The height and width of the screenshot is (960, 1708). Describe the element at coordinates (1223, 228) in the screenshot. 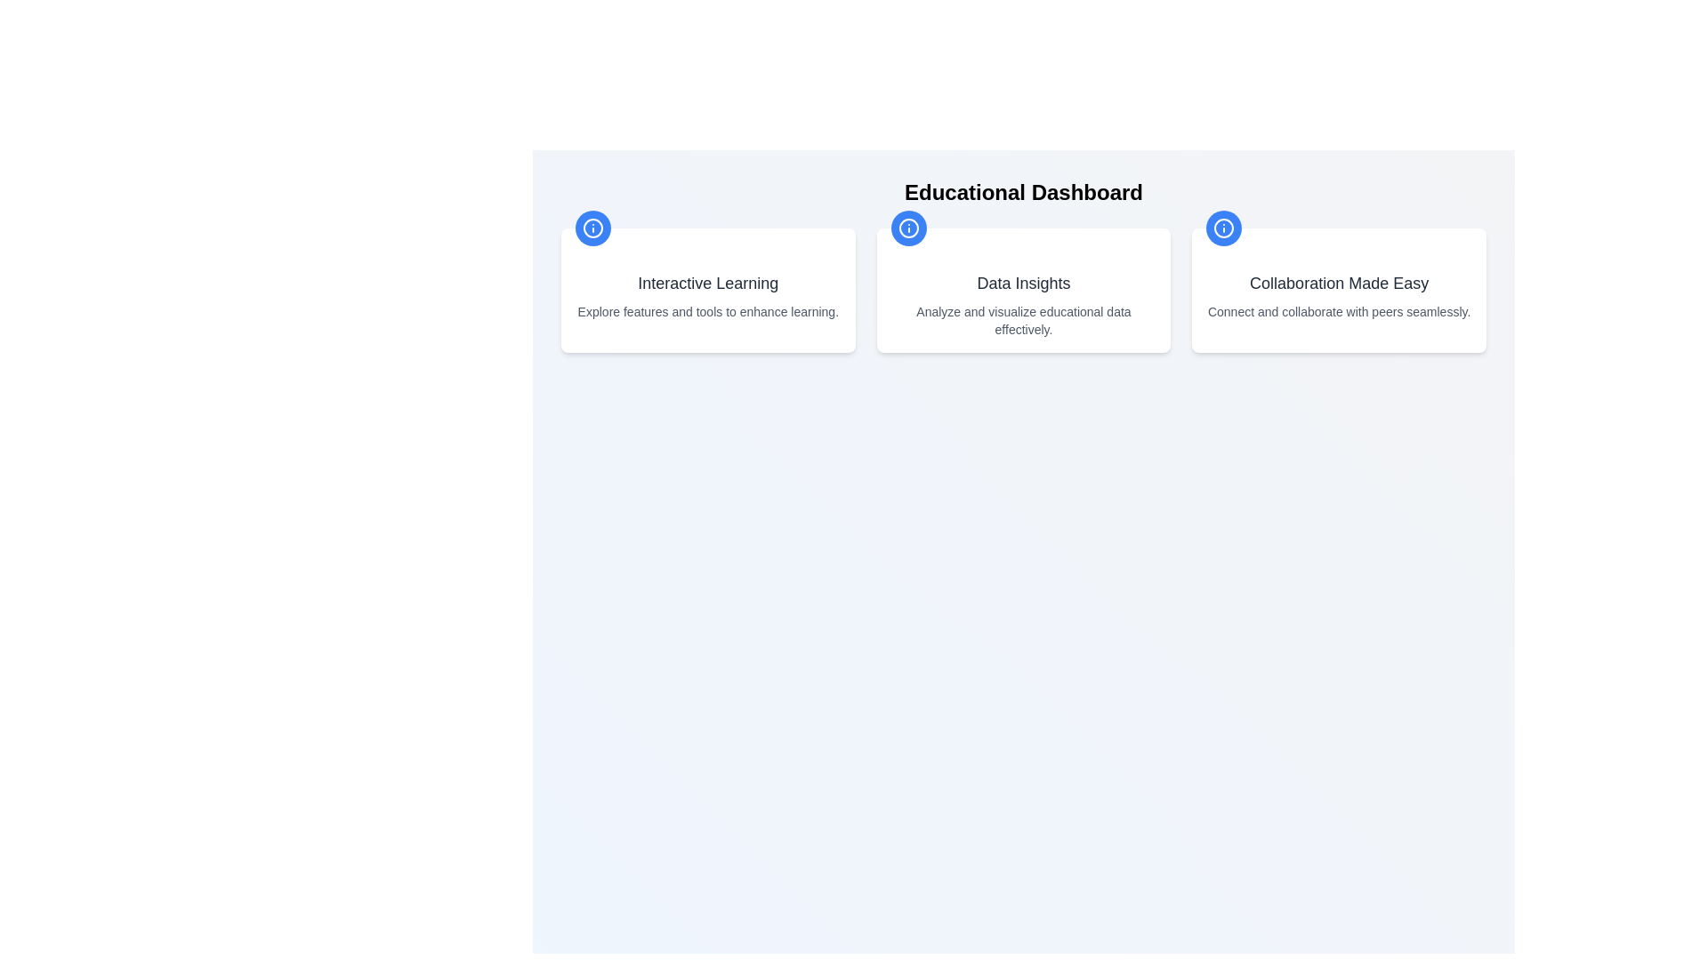

I see `the 'Info' icon with a blue background, located at the top-left corner of the 'Collaboration Made Easy' card` at that location.